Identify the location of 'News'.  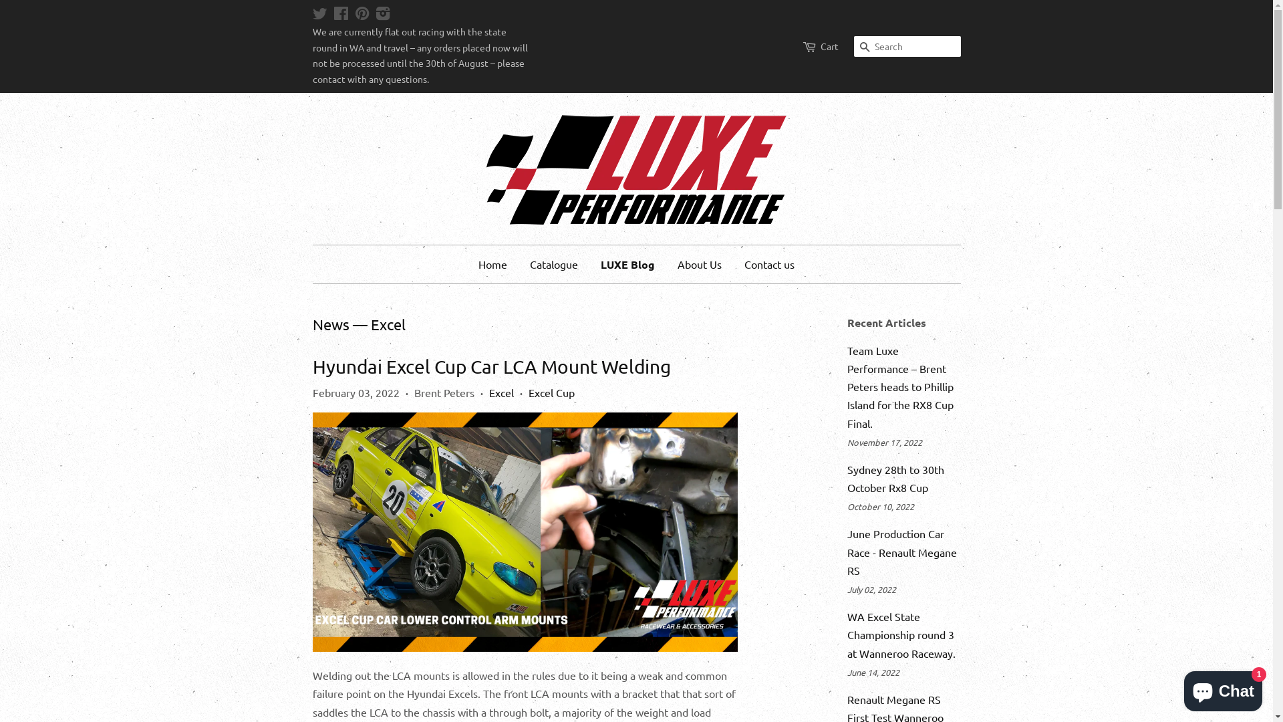
(331, 324).